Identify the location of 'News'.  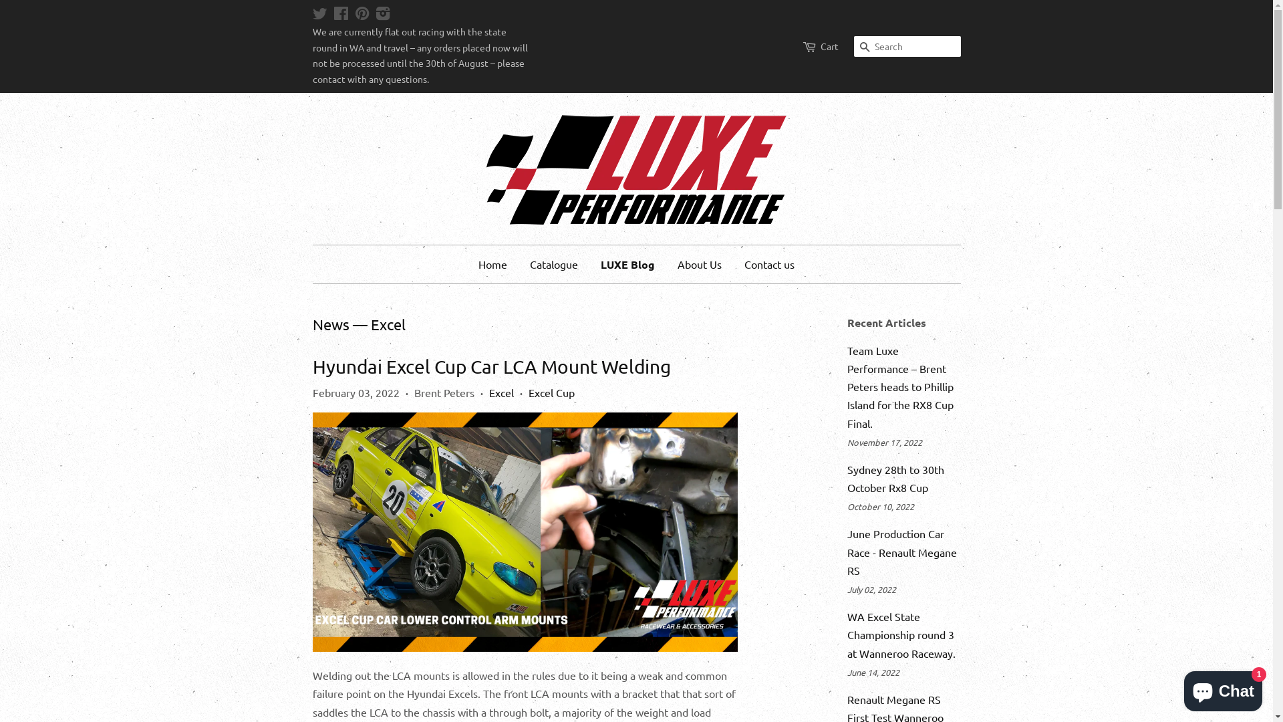
(331, 324).